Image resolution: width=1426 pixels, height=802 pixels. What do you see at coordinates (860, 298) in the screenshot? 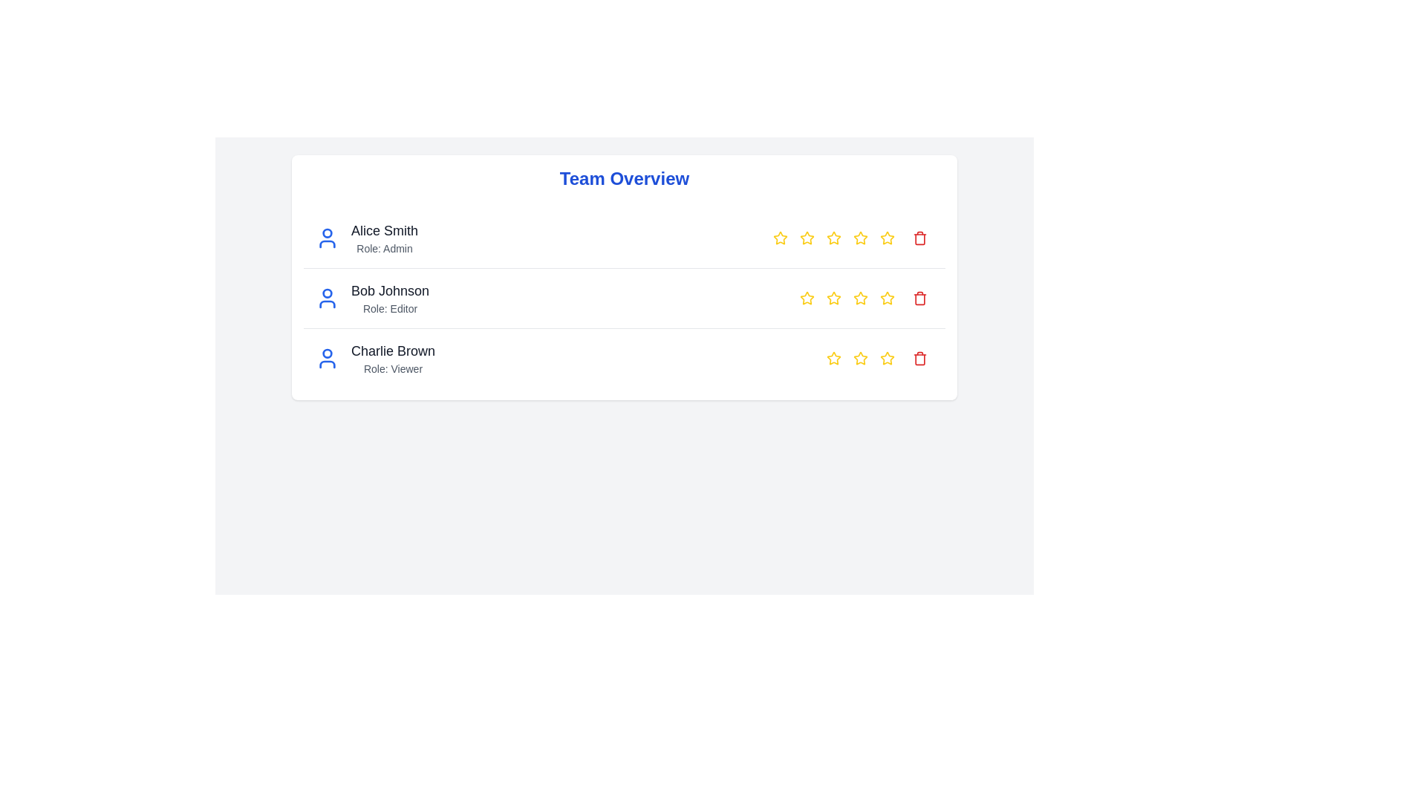
I see `the fourth star-shaped rating icon with a yellow border located in the second row of the table, to the right of the text 'Bob Johnson Role: Editor.'` at bounding box center [860, 298].